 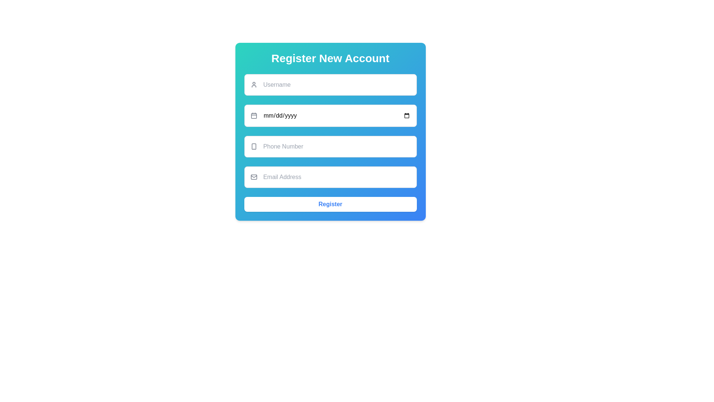 What do you see at coordinates (254, 116) in the screenshot?
I see `the calendar icon located to the left of the 'mm/dd/yyyy' text field in the second input group of the registration form` at bounding box center [254, 116].